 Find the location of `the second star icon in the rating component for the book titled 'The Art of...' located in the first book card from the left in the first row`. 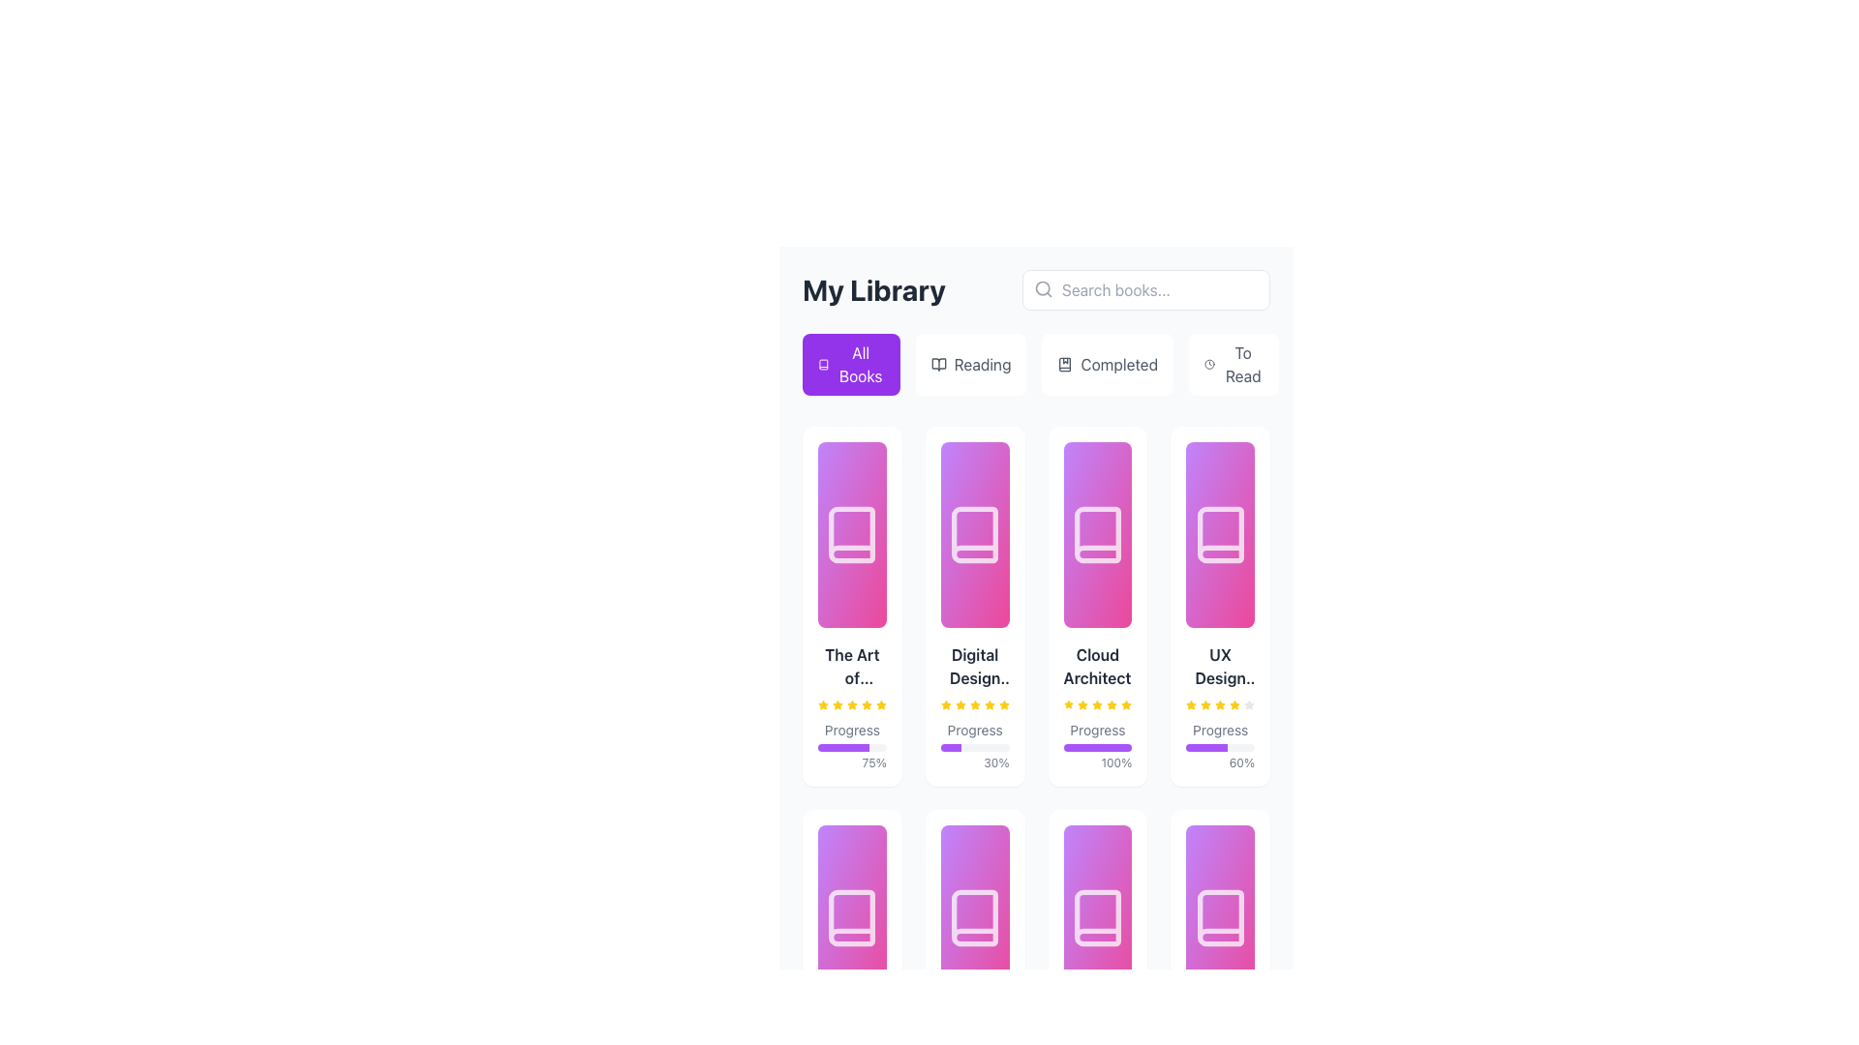

the second star icon in the rating component for the book titled 'The Art of...' located in the first book card from the left in the first row is located at coordinates (838, 704).